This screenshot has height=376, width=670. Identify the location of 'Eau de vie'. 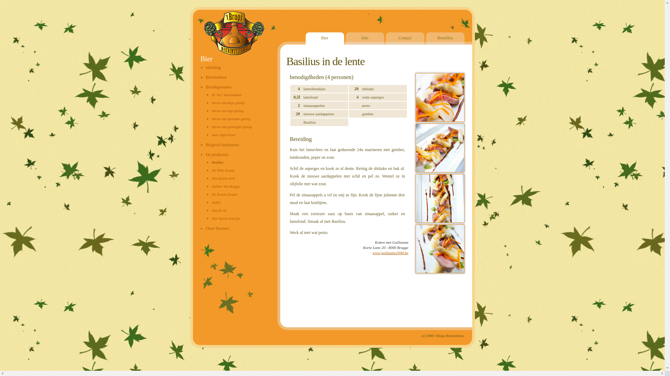
(216, 210).